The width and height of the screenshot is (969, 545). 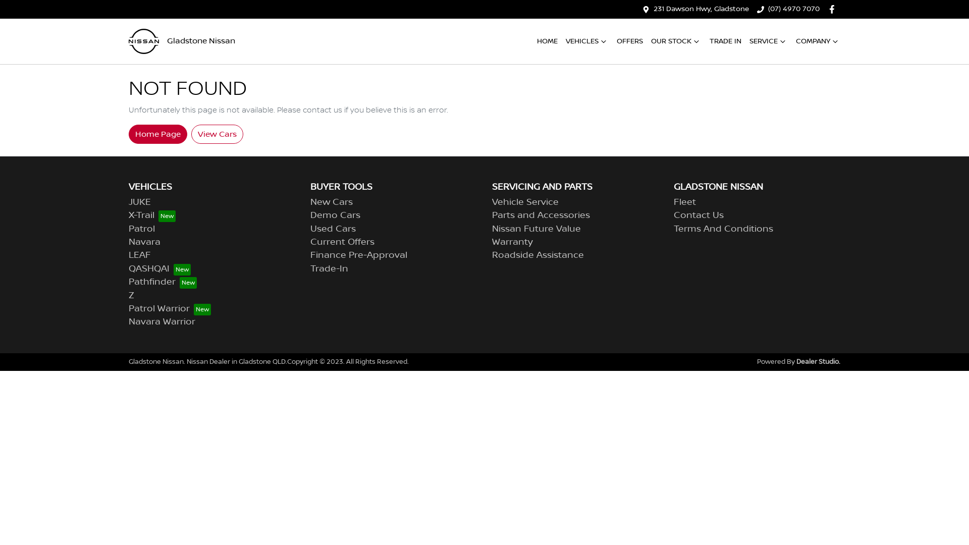 What do you see at coordinates (217, 133) in the screenshot?
I see `'View Cars'` at bounding box center [217, 133].